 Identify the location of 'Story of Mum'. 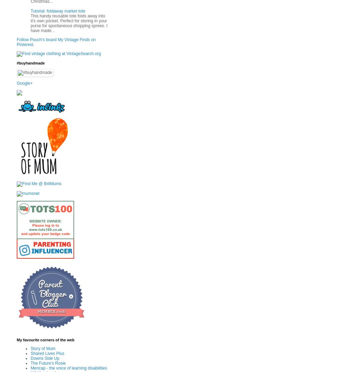
(43, 348).